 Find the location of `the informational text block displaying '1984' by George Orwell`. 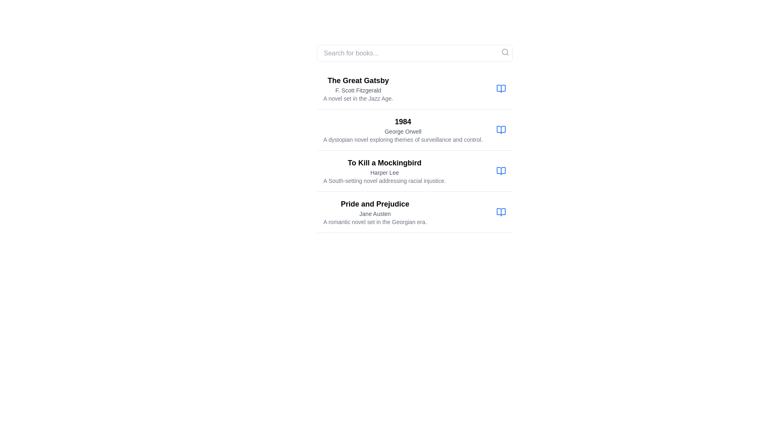

the informational text block displaying '1984' by George Orwell is located at coordinates (403, 130).